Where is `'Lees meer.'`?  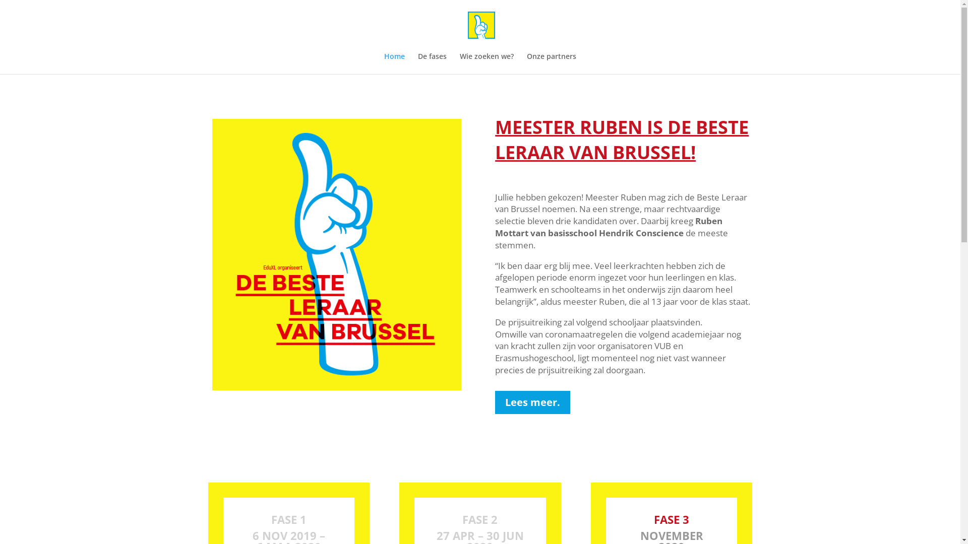 'Lees meer.' is located at coordinates (532, 401).